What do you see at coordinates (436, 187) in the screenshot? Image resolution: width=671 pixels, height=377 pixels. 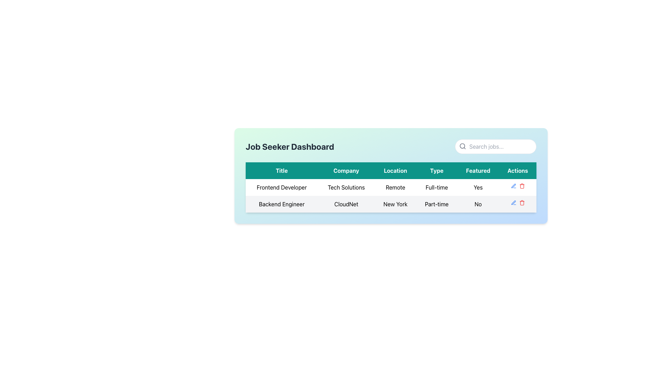 I see `the 'Full-time' text label within the 'Type' column of the 'Frontend Developer' row in the table` at bounding box center [436, 187].